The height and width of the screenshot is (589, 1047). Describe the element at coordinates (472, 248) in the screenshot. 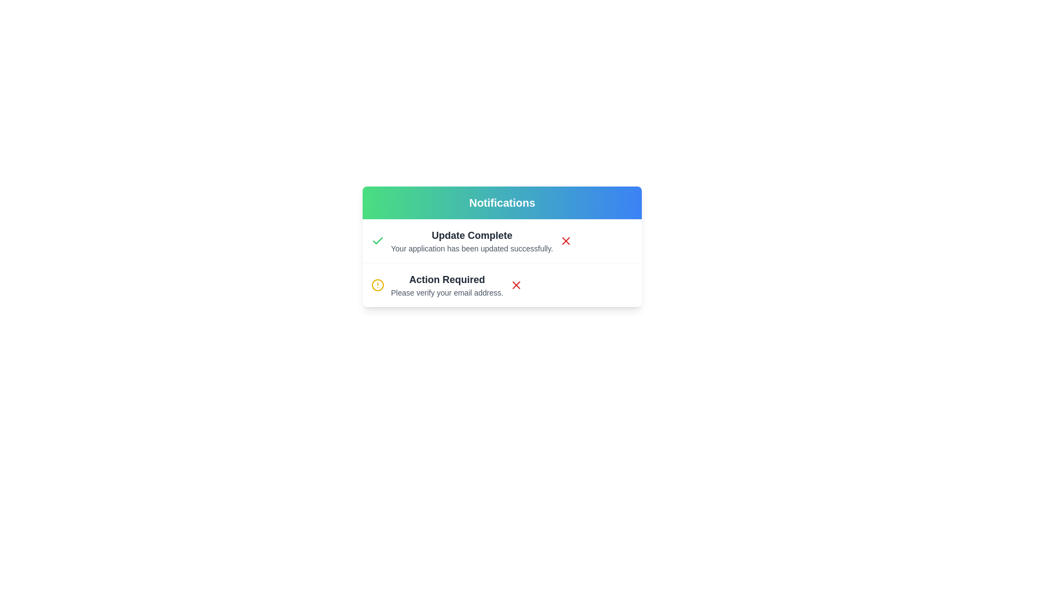

I see `the text label that says 'Your application has been updated successfully.' located below the heading 'Update Complete' in the notification card` at that location.